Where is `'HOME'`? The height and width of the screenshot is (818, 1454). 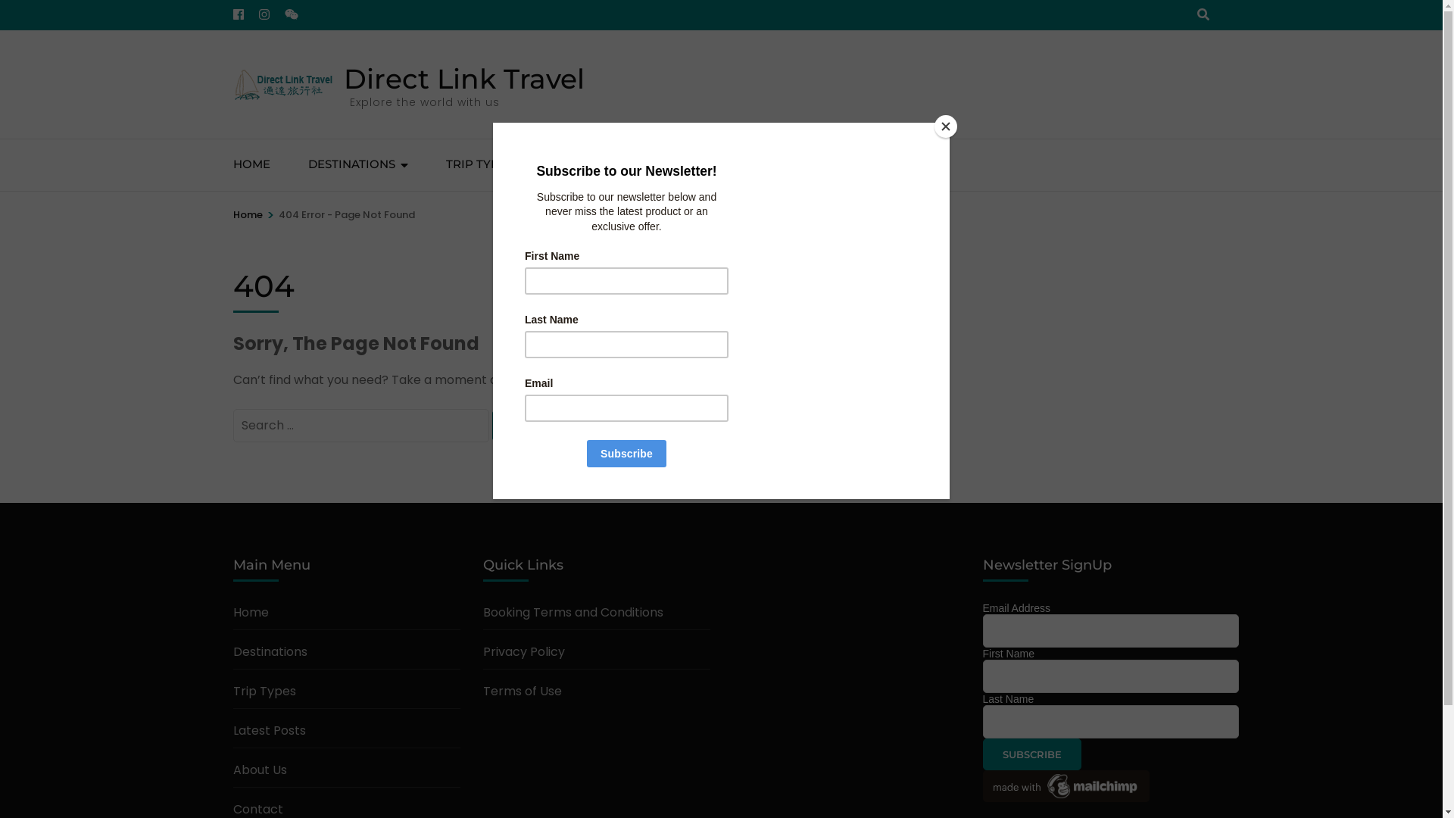 'HOME' is located at coordinates (251, 165).